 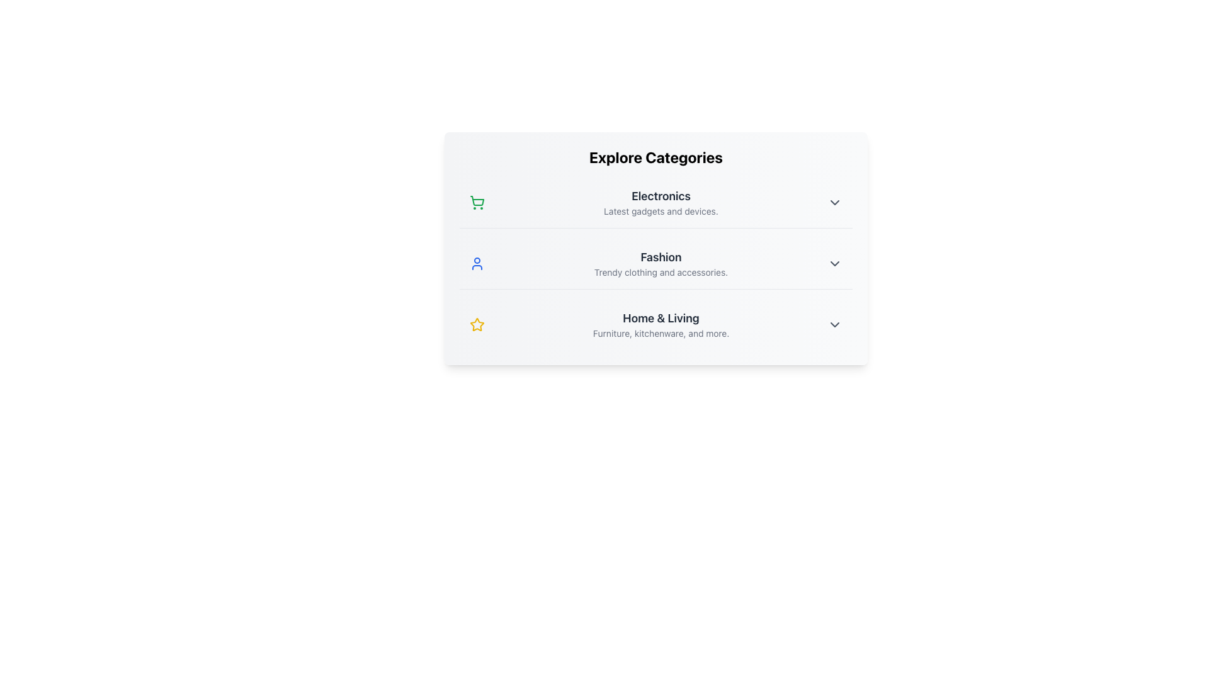 I want to click on the second item in the 'Explore Categories' section labeled 'Fashion', which has a subtitle 'Trendy clothing and accessories', so click(x=655, y=263).